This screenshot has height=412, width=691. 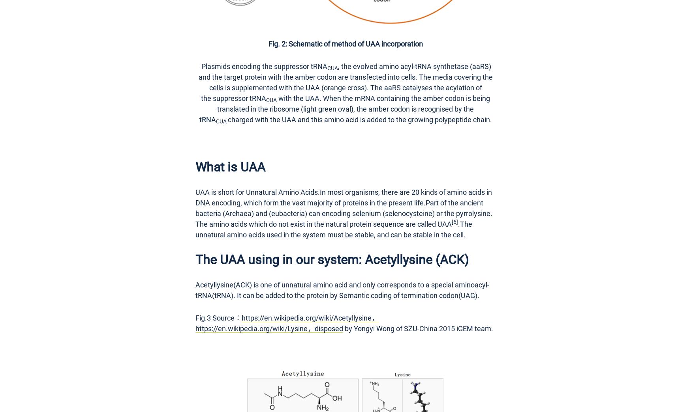 What do you see at coordinates (344, 207) in the screenshot?
I see `'UAA is short for Unnatural Amino Acids.In most organisms, there are 20 kinds of amino acids in DNA encoding, which form the vast majority of proteins in the present life.Part of the ancient bacteria (Archaea) and (eubacteria) can encoding selenium (selenocysteine) or the pyrrolysine. The amino acids which do not exist in the natural protein sequence are called UAA'` at bounding box center [344, 207].